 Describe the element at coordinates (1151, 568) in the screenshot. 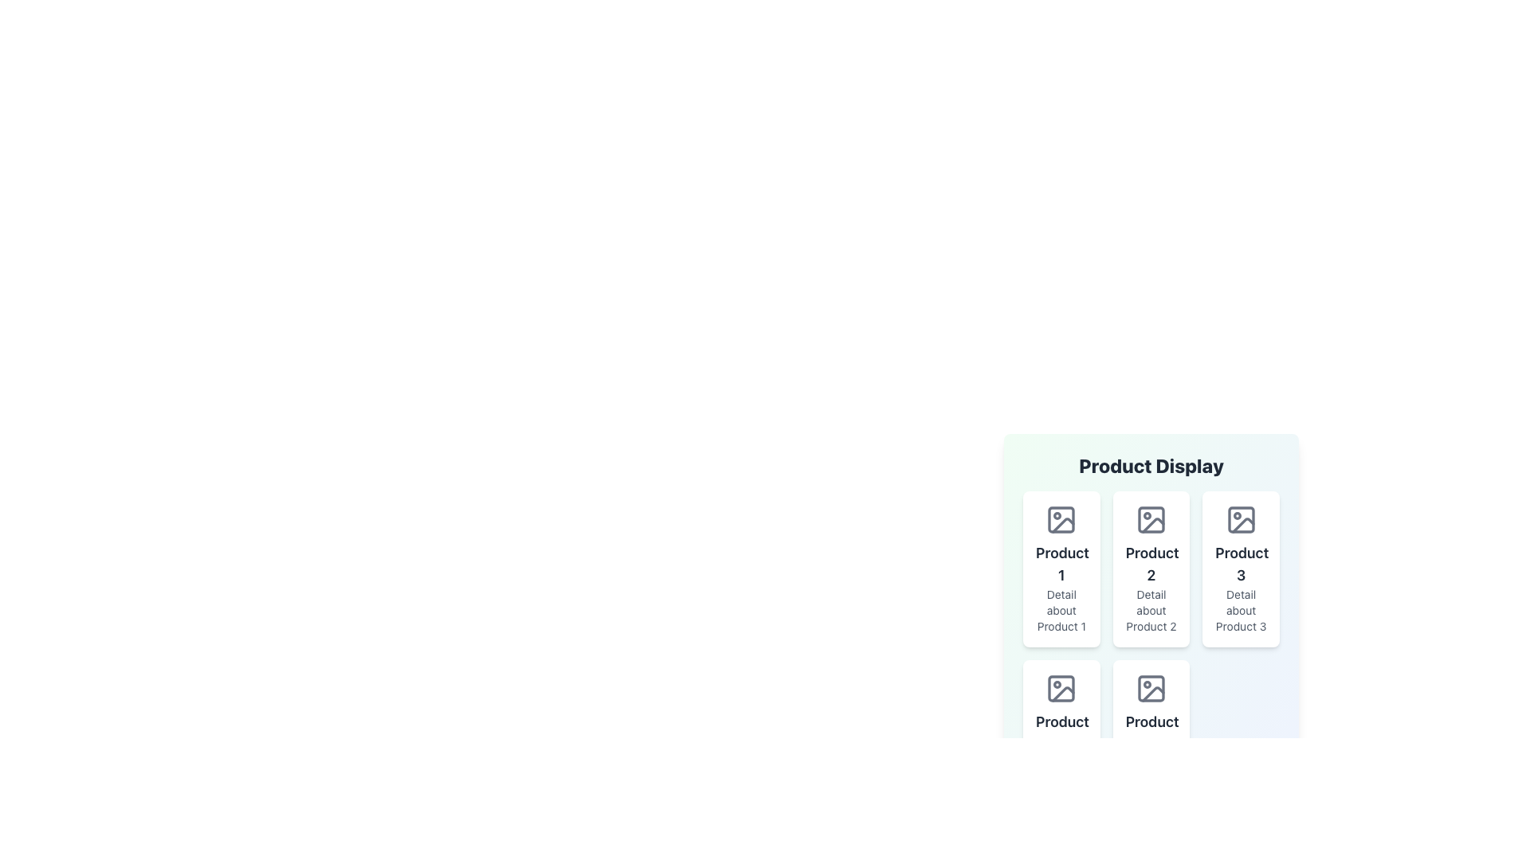

I see `the product display card labeled 'Product 2', which is the second card in a grid layout under the 'Product Display' heading` at that location.